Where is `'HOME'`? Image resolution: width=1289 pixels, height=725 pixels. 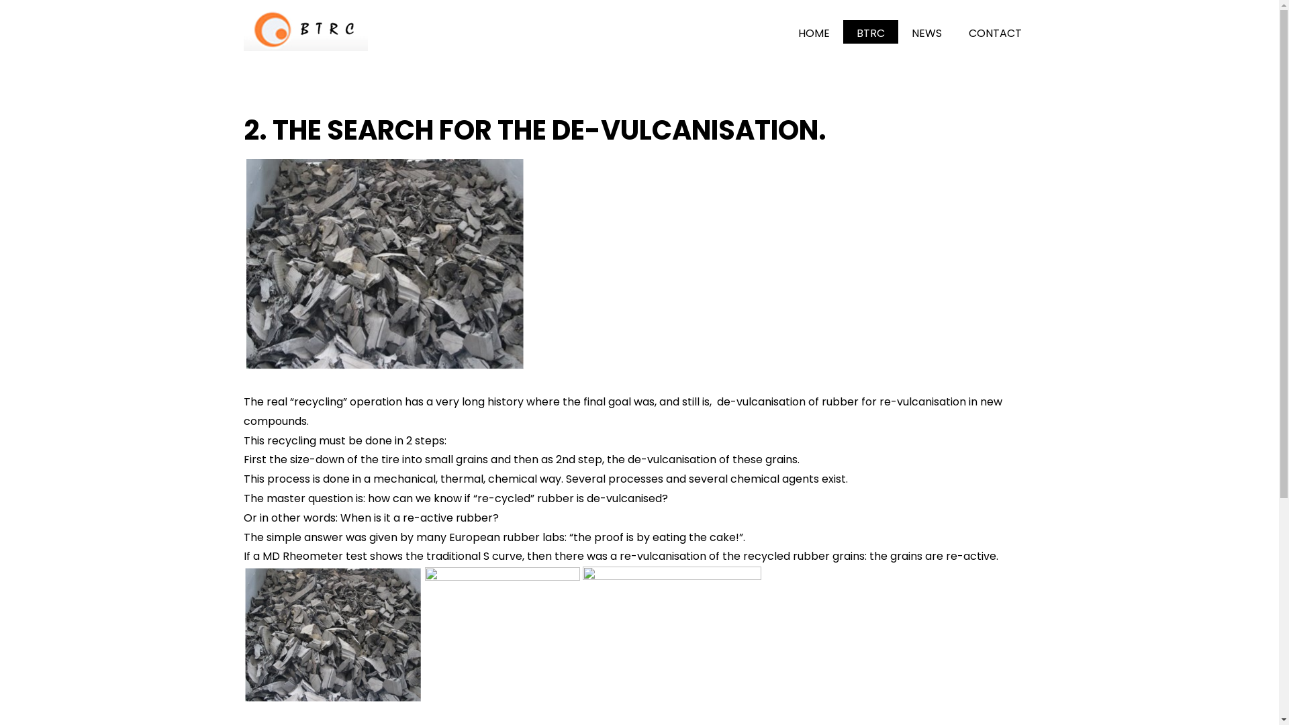
'HOME' is located at coordinates (813, 31).